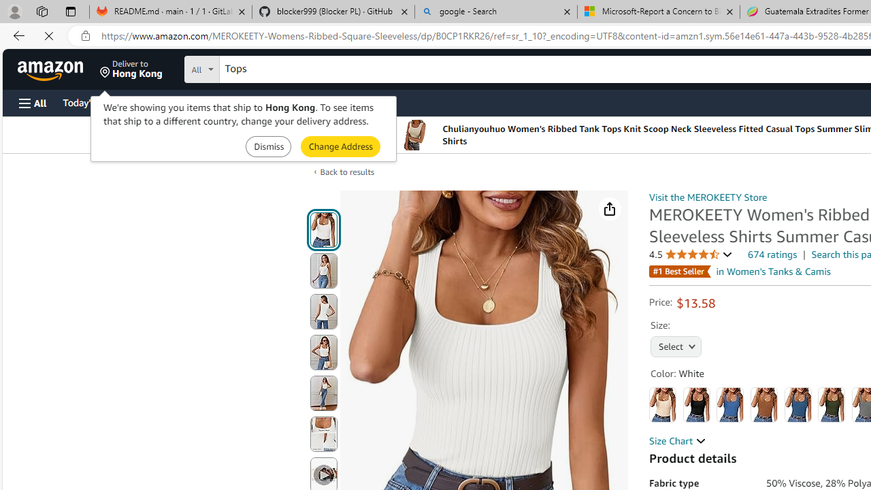 This screenshot has width=871, height=490. I want to click on 'Green', so click(831, 404).